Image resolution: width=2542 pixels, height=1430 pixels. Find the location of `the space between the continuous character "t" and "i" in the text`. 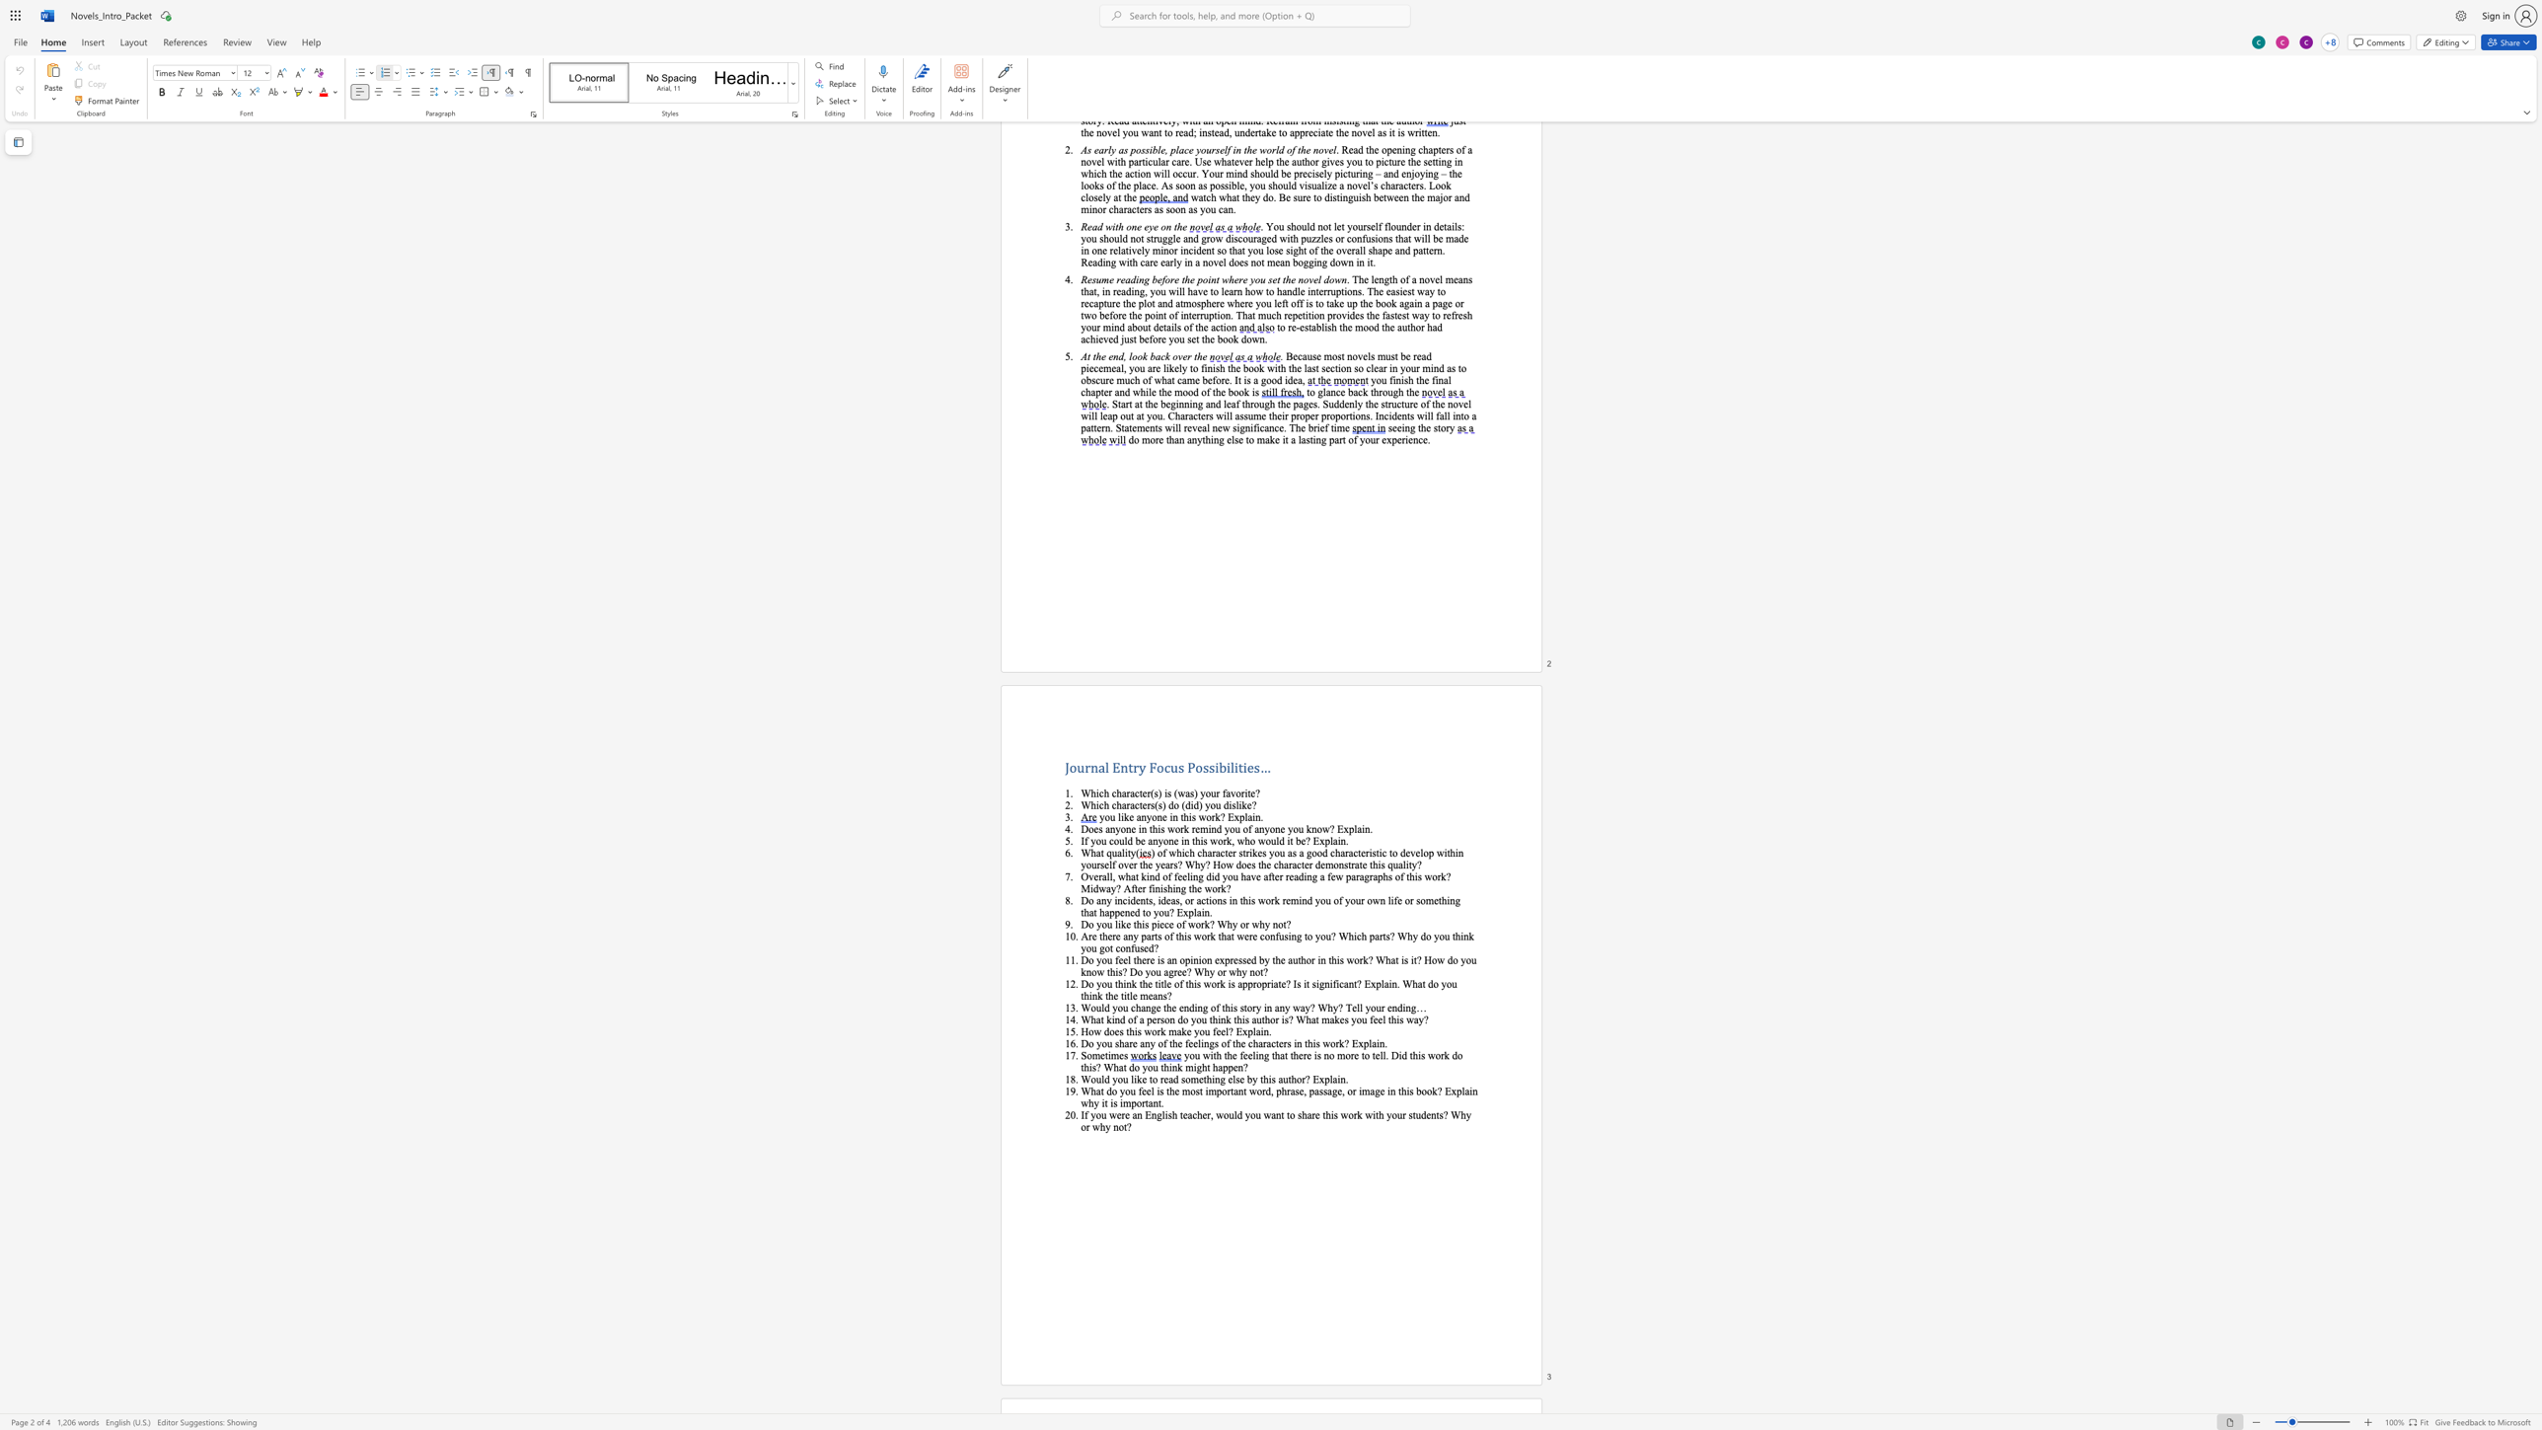

the space between the continuous character "t" and "i" in the text is located at coordinates (1107, 1055).